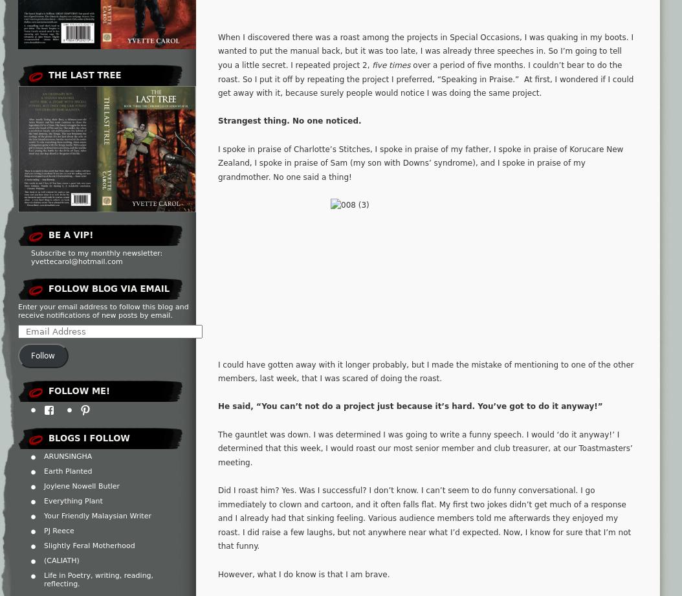  Describe the element at coordinates (43, 515) in the screenshot. I see `'Your Friendly Malaysian Writer'` at that location.